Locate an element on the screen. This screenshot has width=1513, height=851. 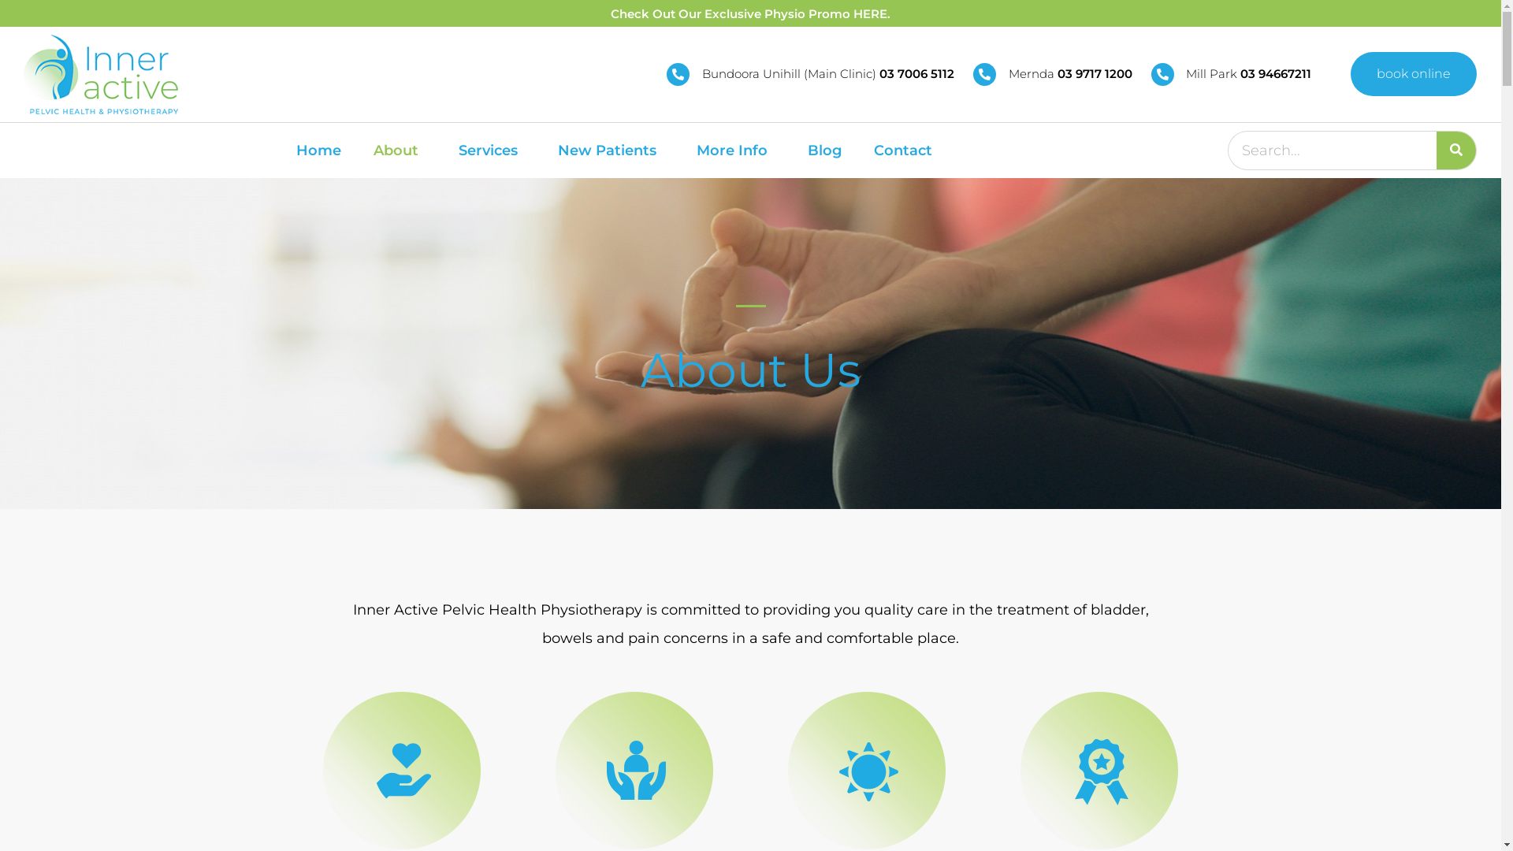
'book online' is located at coordinates (1349, 73).